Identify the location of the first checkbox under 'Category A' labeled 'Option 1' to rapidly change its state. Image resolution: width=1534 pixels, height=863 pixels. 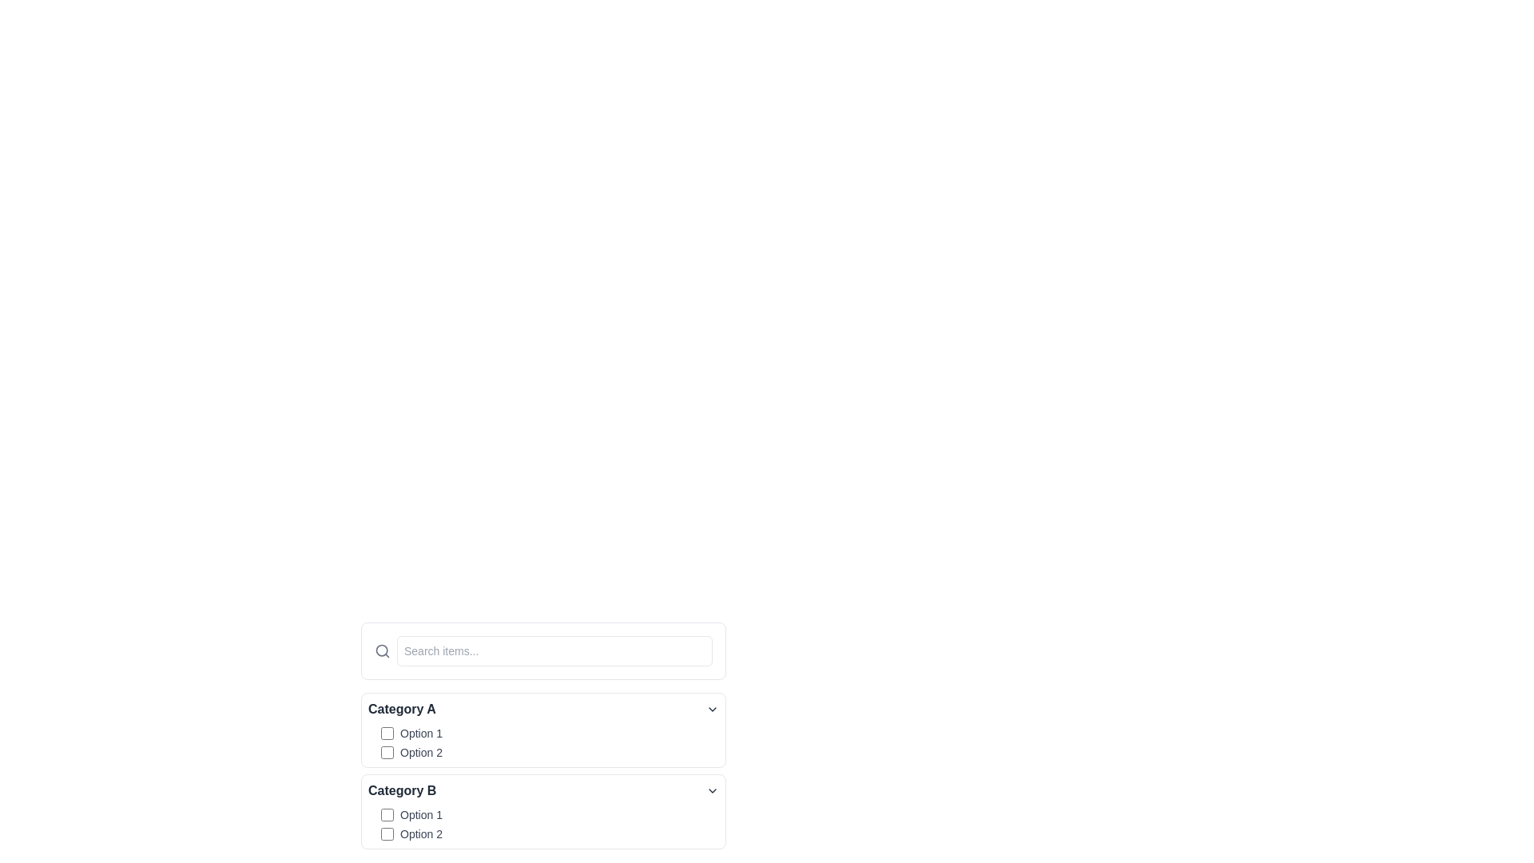
(387, 734).